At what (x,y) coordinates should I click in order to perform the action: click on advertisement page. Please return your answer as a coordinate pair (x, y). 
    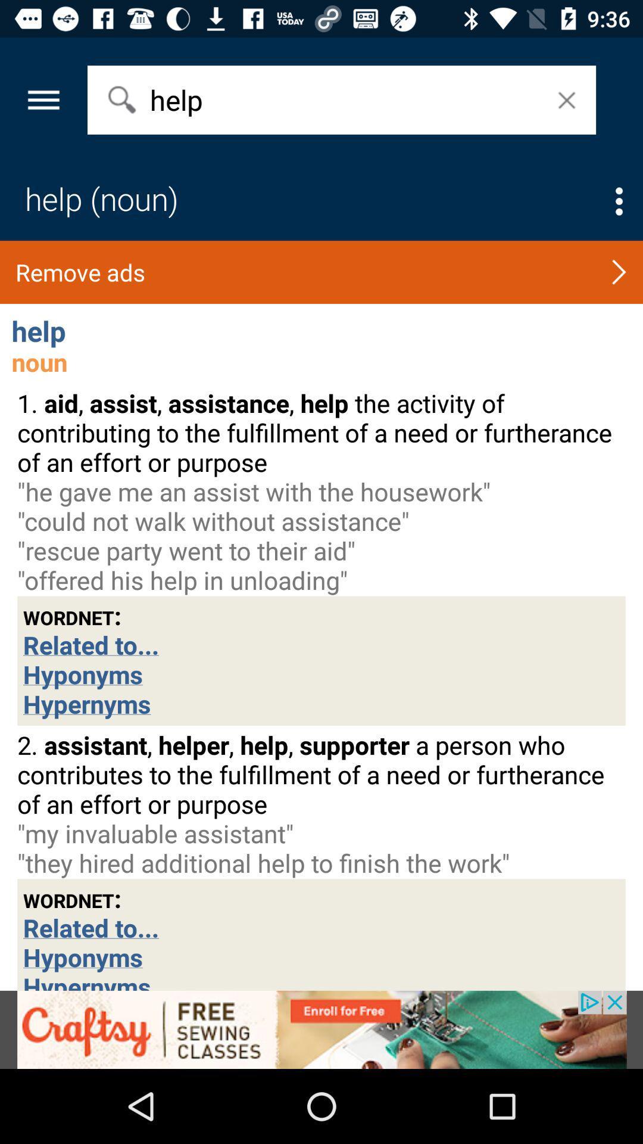
    Looking at the image, I should click on (321, 1029).